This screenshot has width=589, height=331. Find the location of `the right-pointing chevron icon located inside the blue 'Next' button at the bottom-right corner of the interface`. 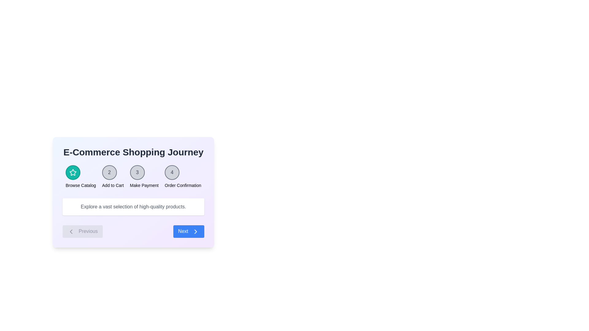

the right-pointing chevron icon located inside the blue 'Next' button at the bottom-right corner of the interface is located at coordinates (195, 231).